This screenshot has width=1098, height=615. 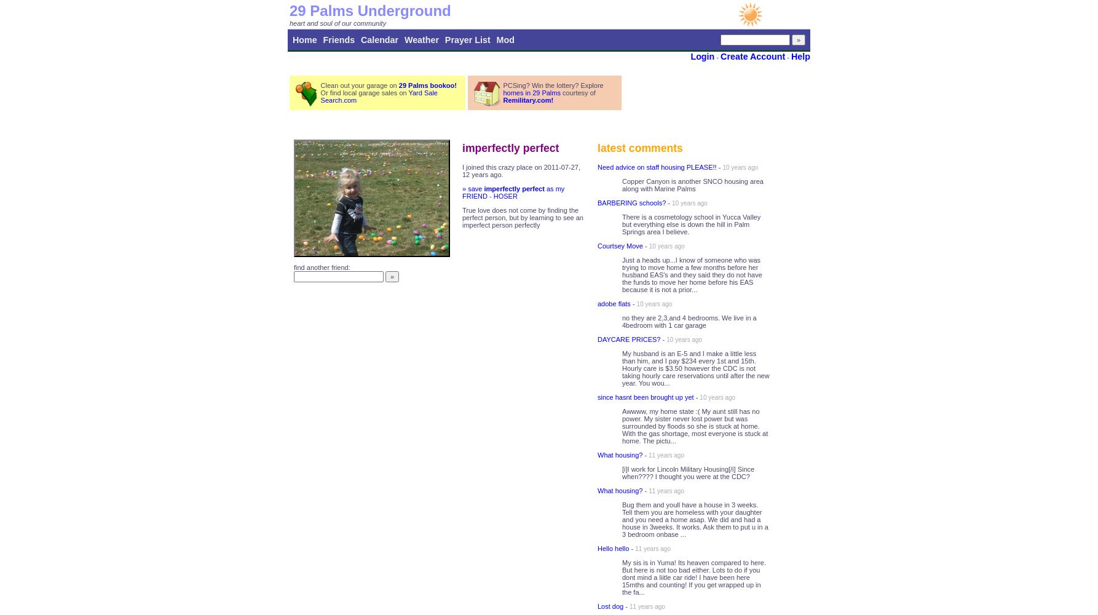 What do you see at coordinates (358, 85) in the screenshot?
I see `'Clean out your garage on'` at bounding box center [358, 85].